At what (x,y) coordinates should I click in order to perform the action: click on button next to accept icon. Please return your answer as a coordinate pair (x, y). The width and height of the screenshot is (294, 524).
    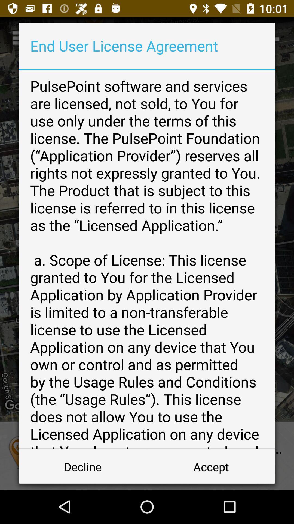
    Looking at the image, I should click on (83, 466).